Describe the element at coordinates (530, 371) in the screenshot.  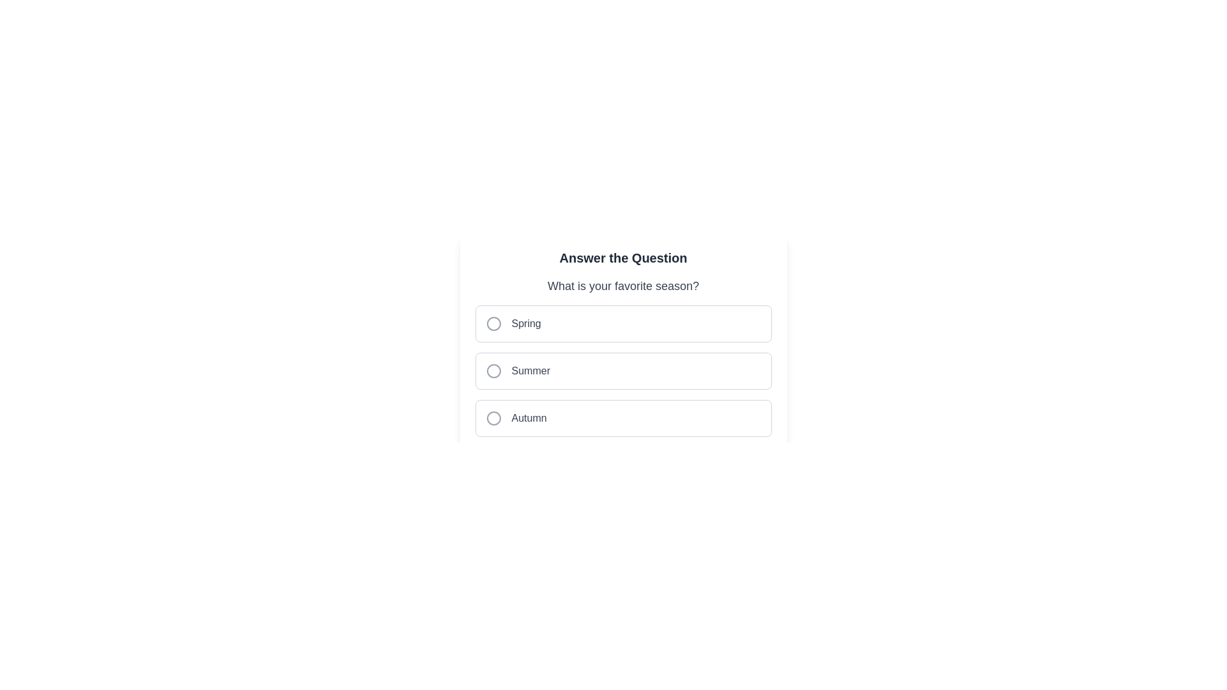
I see `label text 'Summer' which is displayed in gray color, indicating the second option in a multiple-choice selection component` at that location.